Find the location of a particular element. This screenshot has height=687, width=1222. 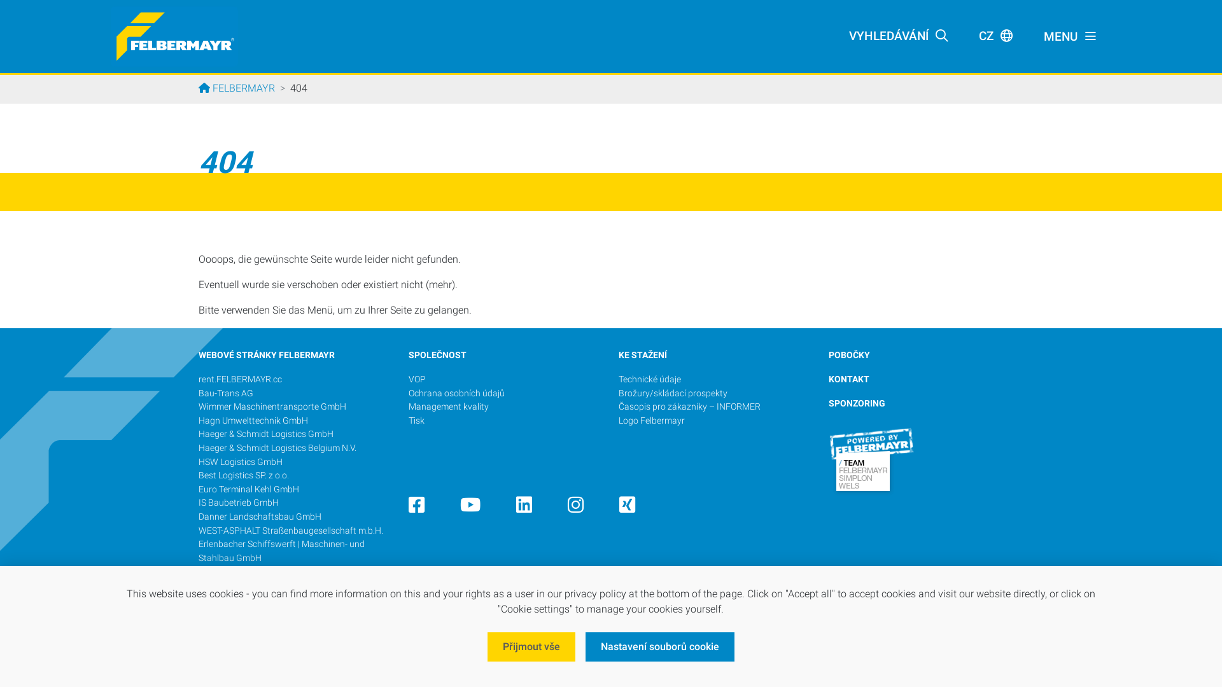

'Tisk' is located at coordinates (416, 420).